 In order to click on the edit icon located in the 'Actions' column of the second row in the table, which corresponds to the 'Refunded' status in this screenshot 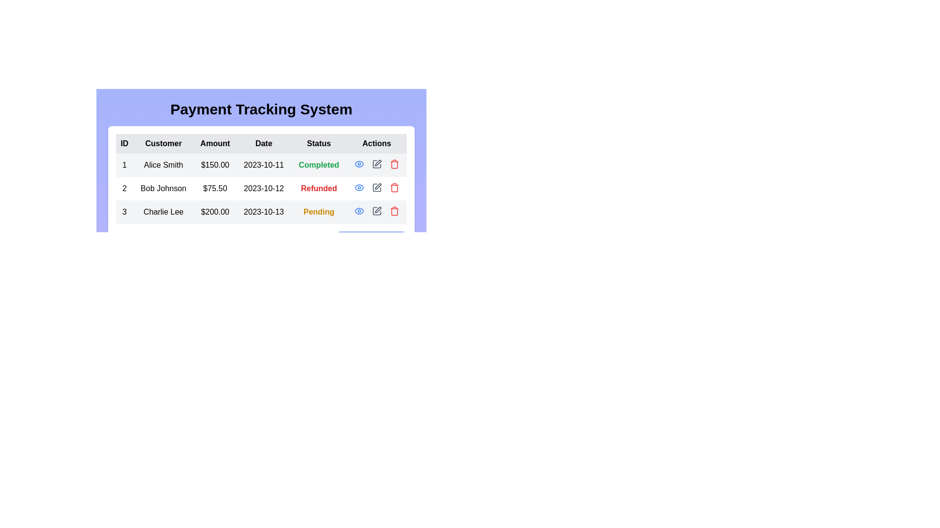, I will do `click(377, 186)`.